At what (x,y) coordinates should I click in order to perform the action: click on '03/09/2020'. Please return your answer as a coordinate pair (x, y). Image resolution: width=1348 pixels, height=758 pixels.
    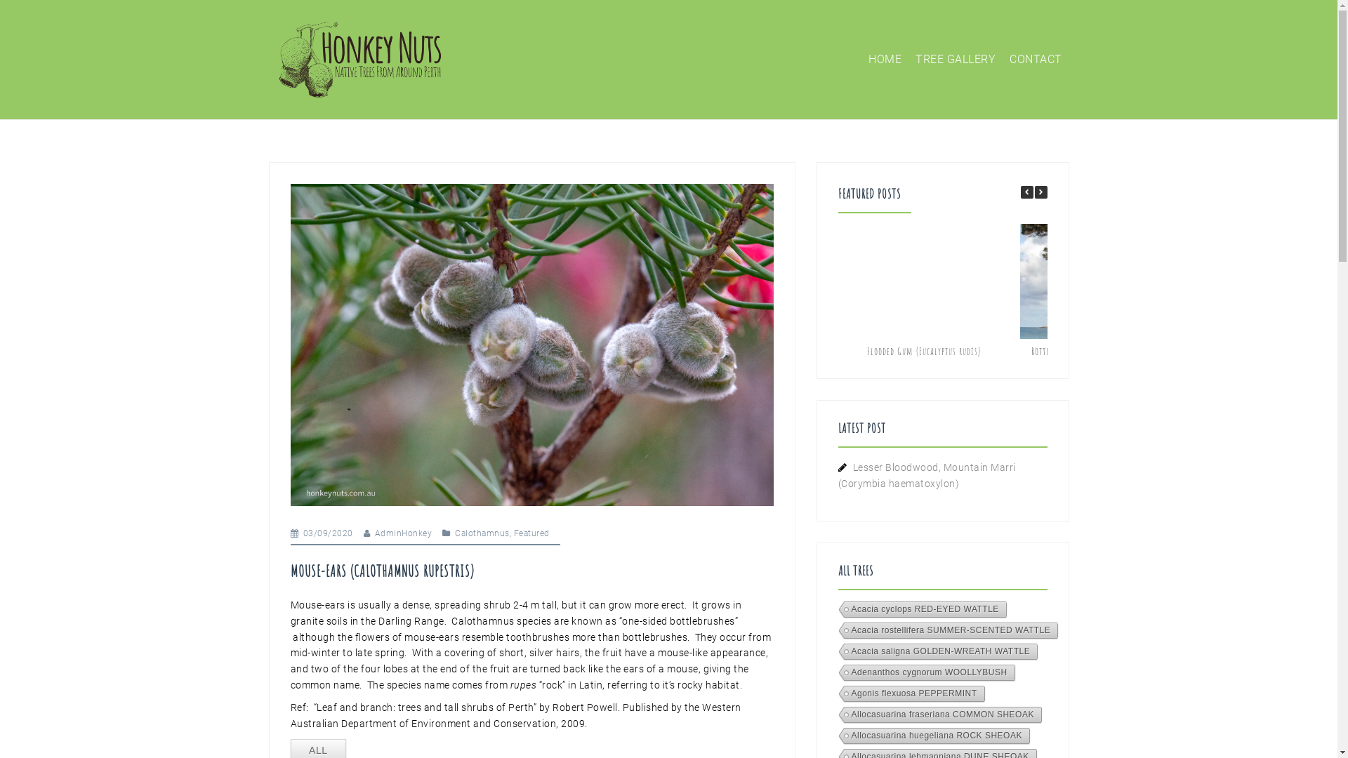
    Looking at the image, I should click on (327, 533).